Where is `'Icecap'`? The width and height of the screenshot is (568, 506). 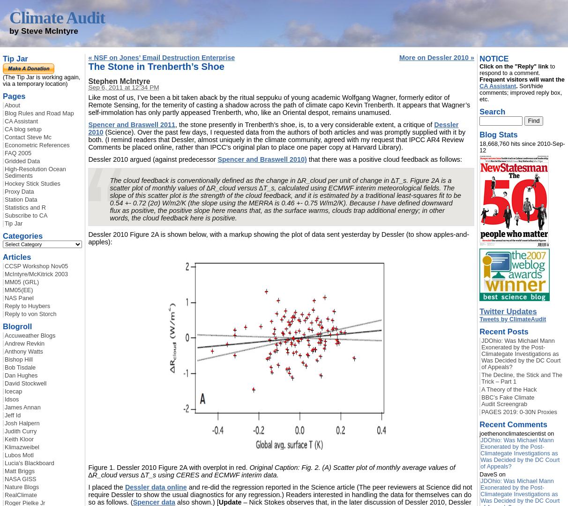
'Icecap' is located at coordinates (4, 392).